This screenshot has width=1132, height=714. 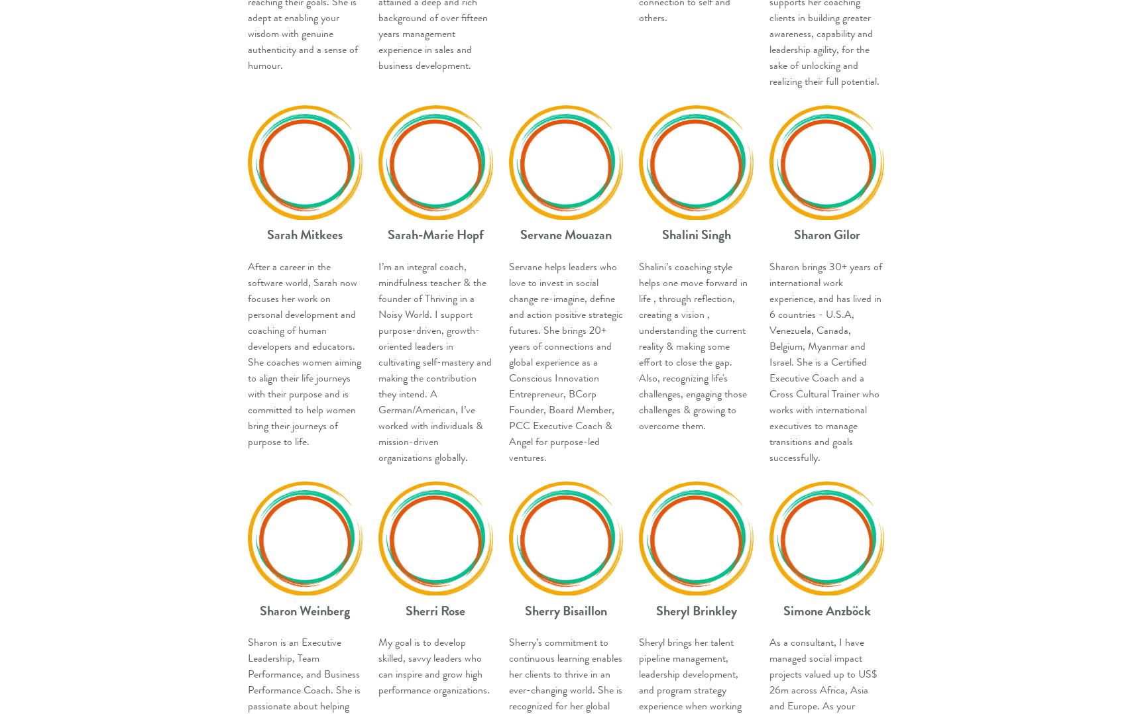 I want to click on 'Sharon Gilor', so click(x=826, y=234).